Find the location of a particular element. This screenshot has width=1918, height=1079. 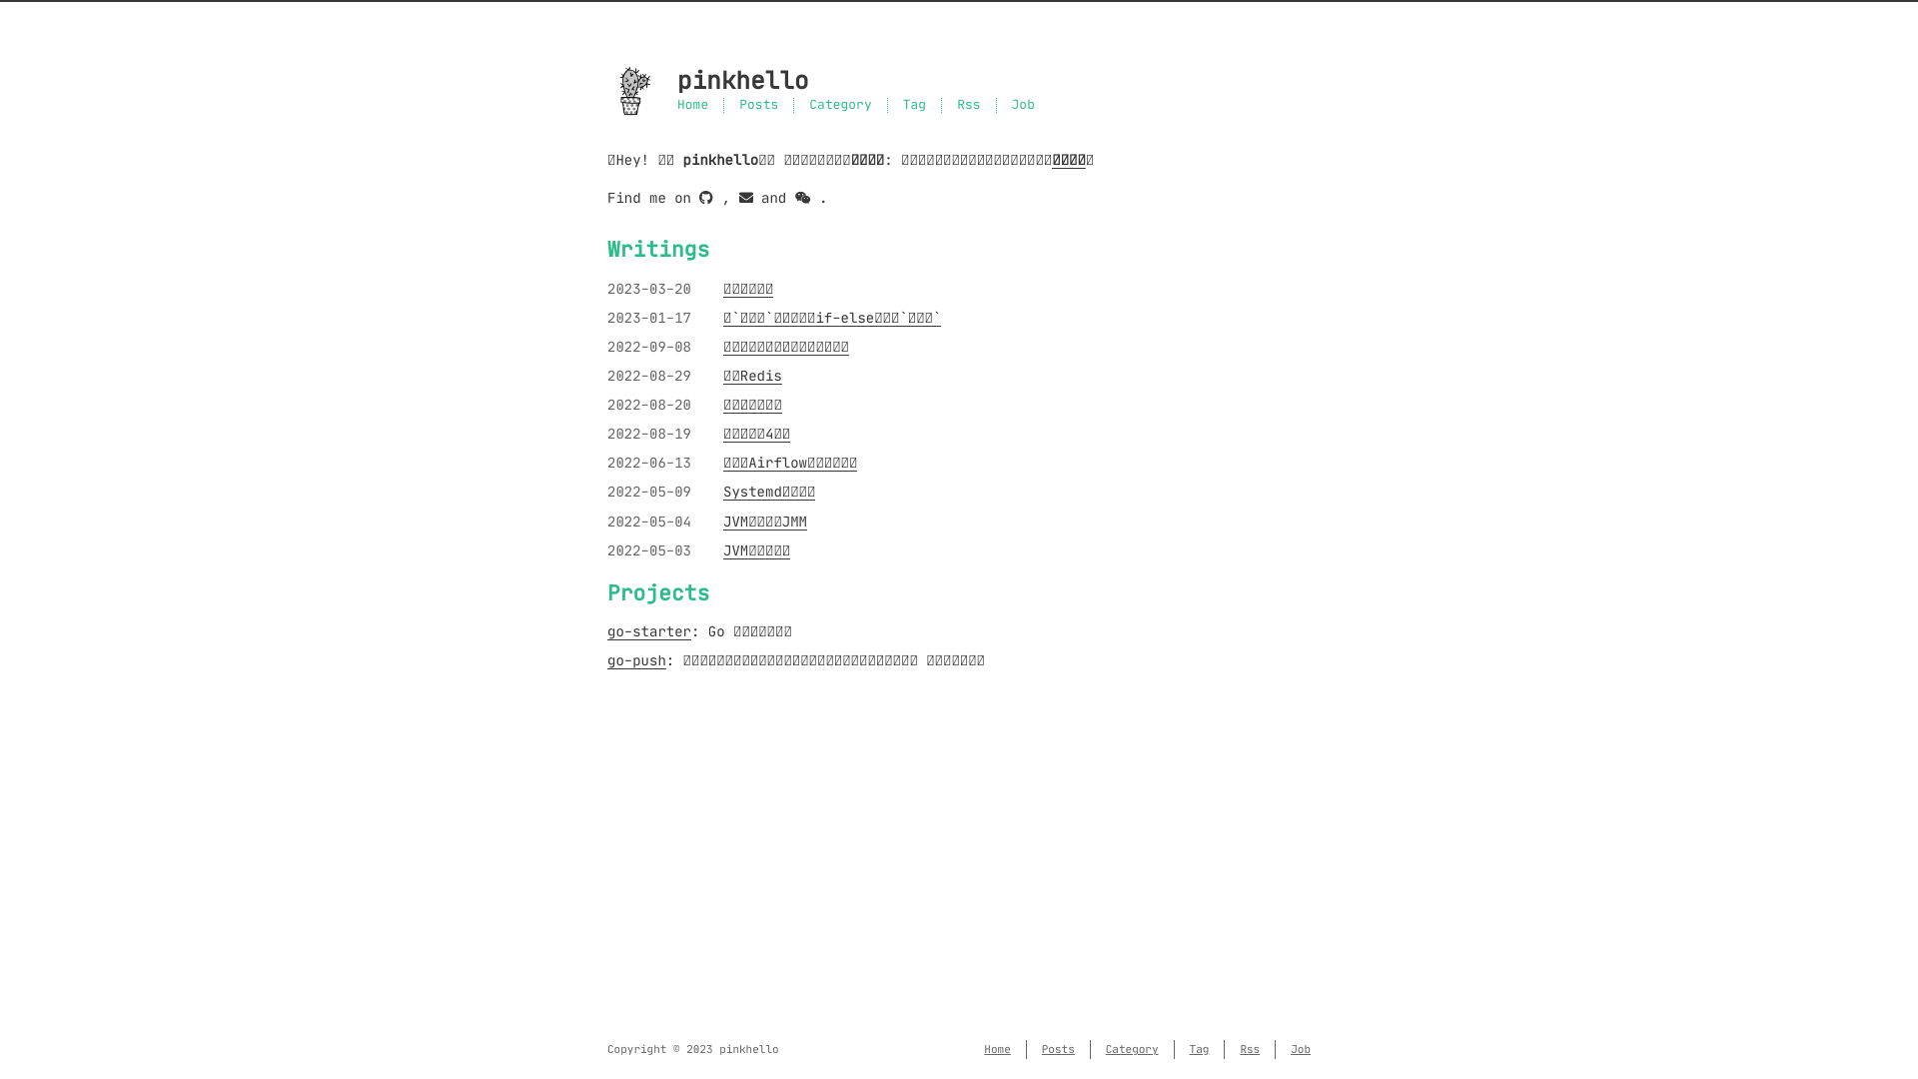

'Posts' is located at coordinates (757, 105).